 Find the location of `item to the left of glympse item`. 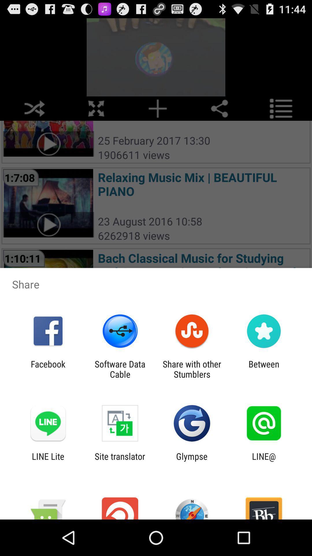

item to the left of glympse item is located at coordinates (120, 461).